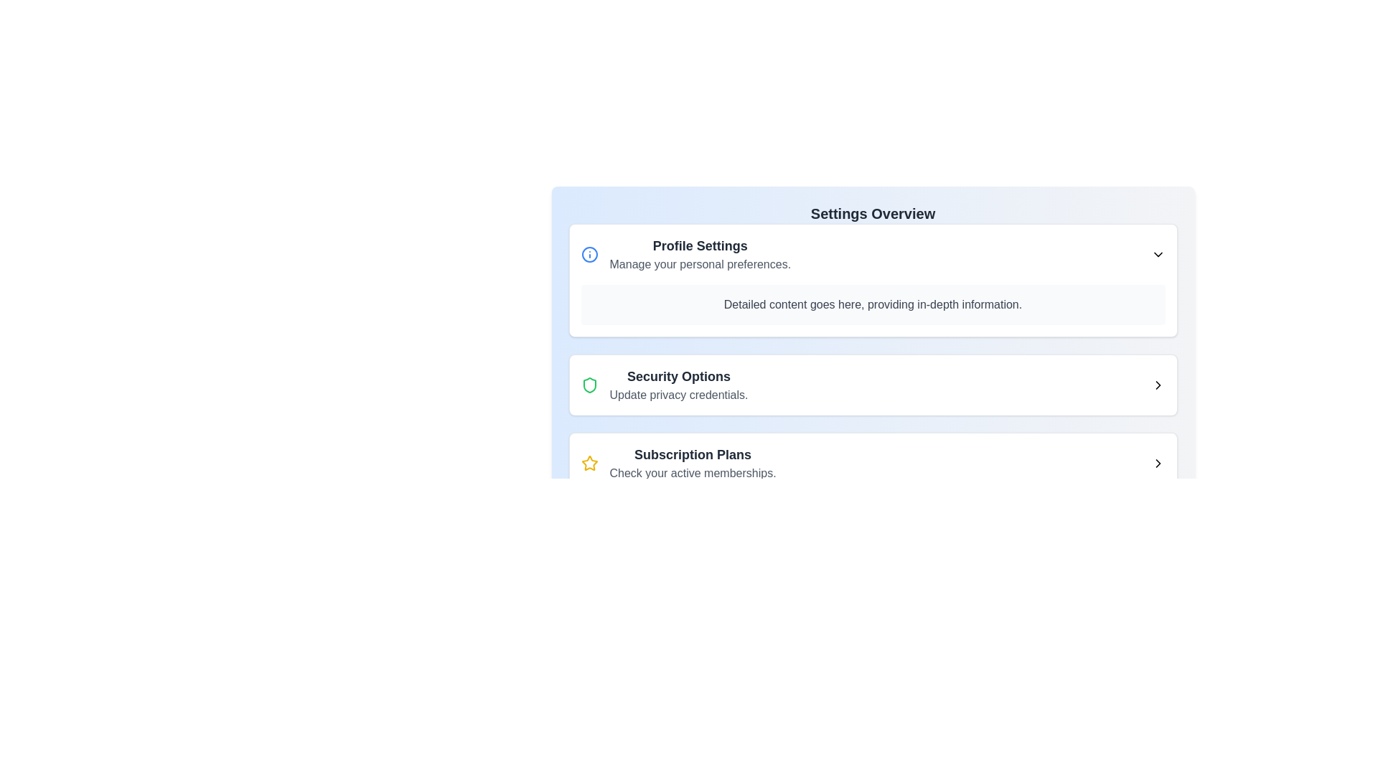 This screenshot has height=775, width=1378. What do you see at coordinates (1158, 253) in the screenshot?
I see `the Chevron Down icon located at the far right of the 'Profile Settings' section` at bounding box center [1158, 253].